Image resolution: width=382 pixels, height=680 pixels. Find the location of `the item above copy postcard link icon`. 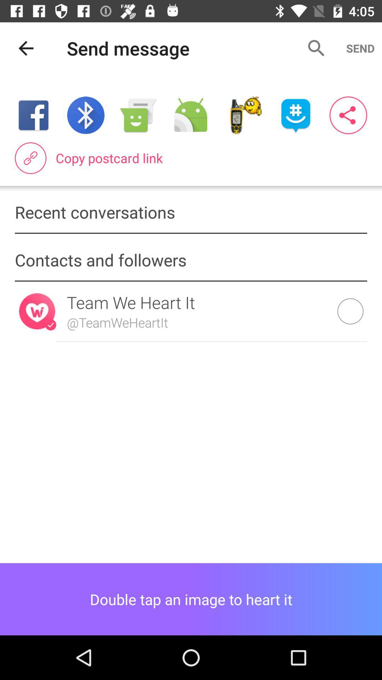

the item above copy postcard link icon is located at coordinates (190, 115).